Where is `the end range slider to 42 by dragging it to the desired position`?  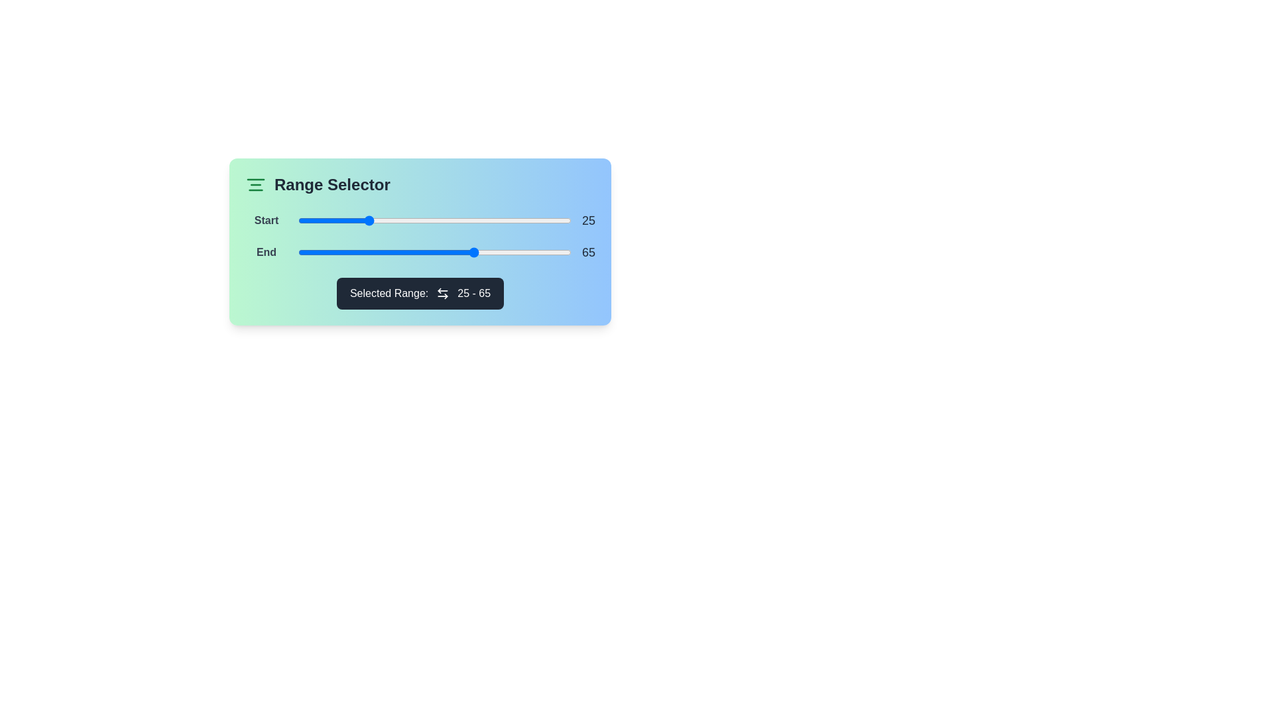
the end range slider to 42 by dragging it to the desired position is located at coordinates (412, 253).